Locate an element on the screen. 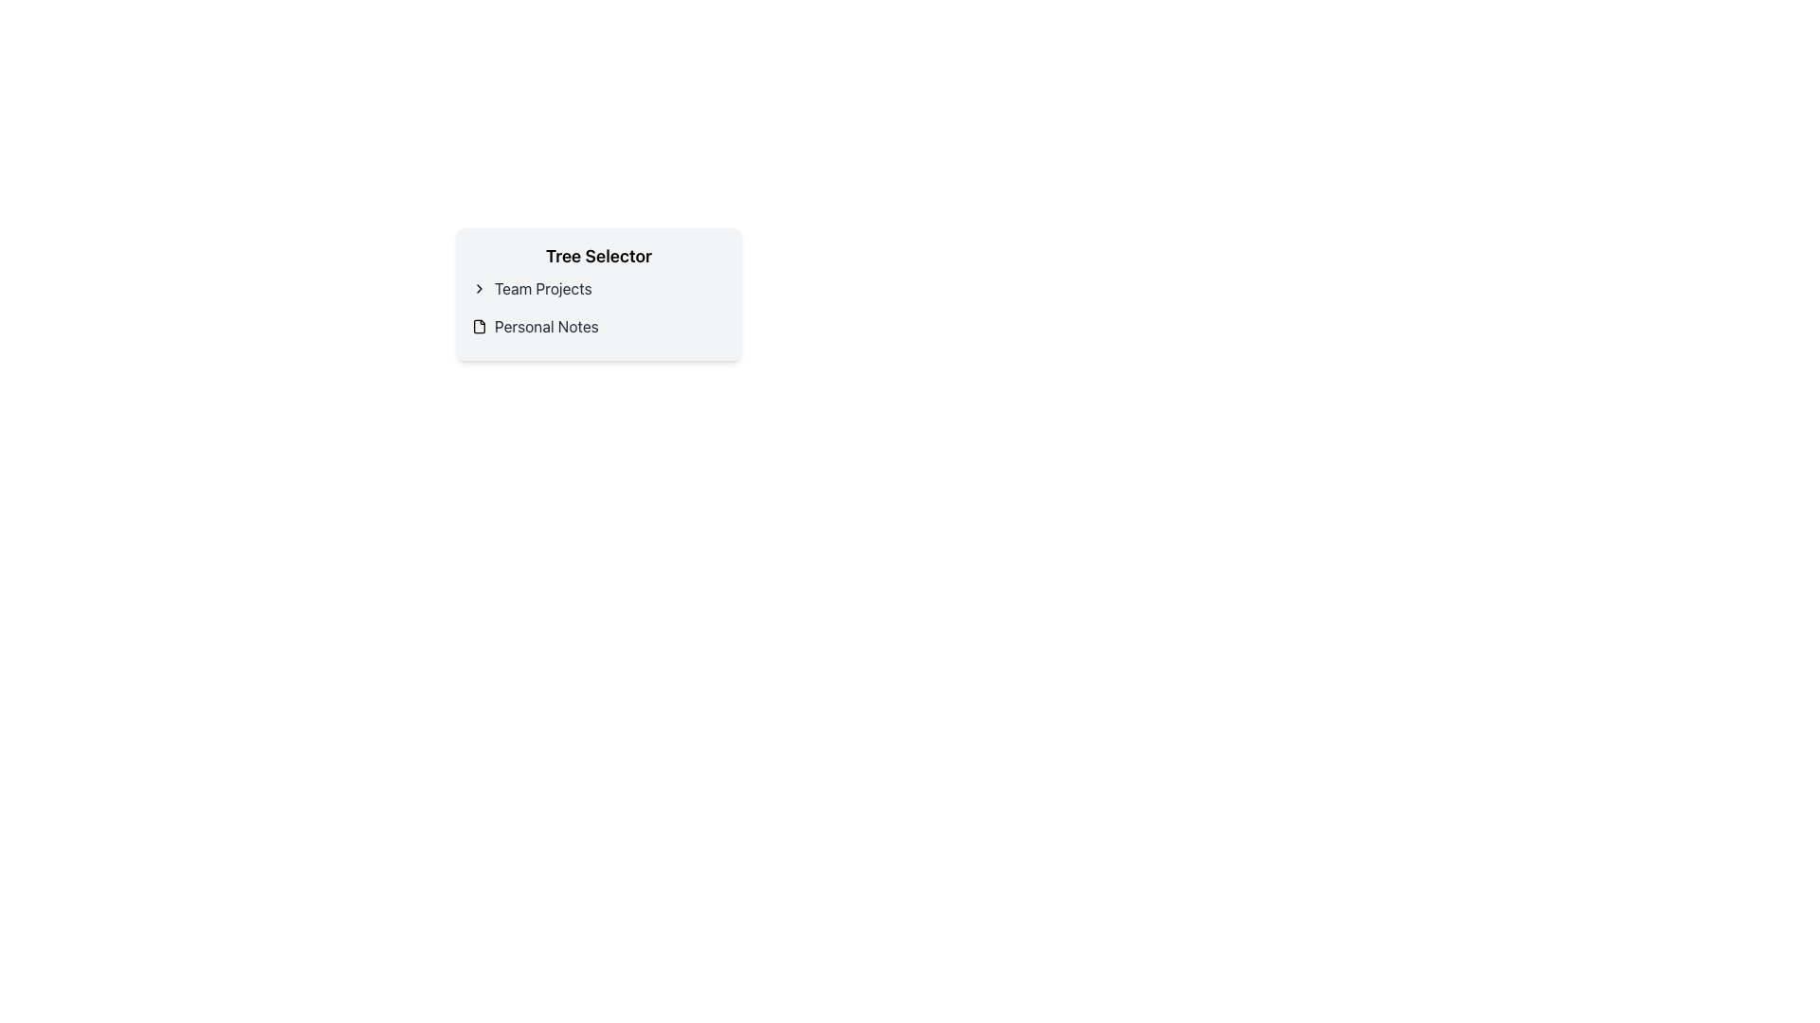  the 'Tree Selector' text label is located at coordinates (598, 256).